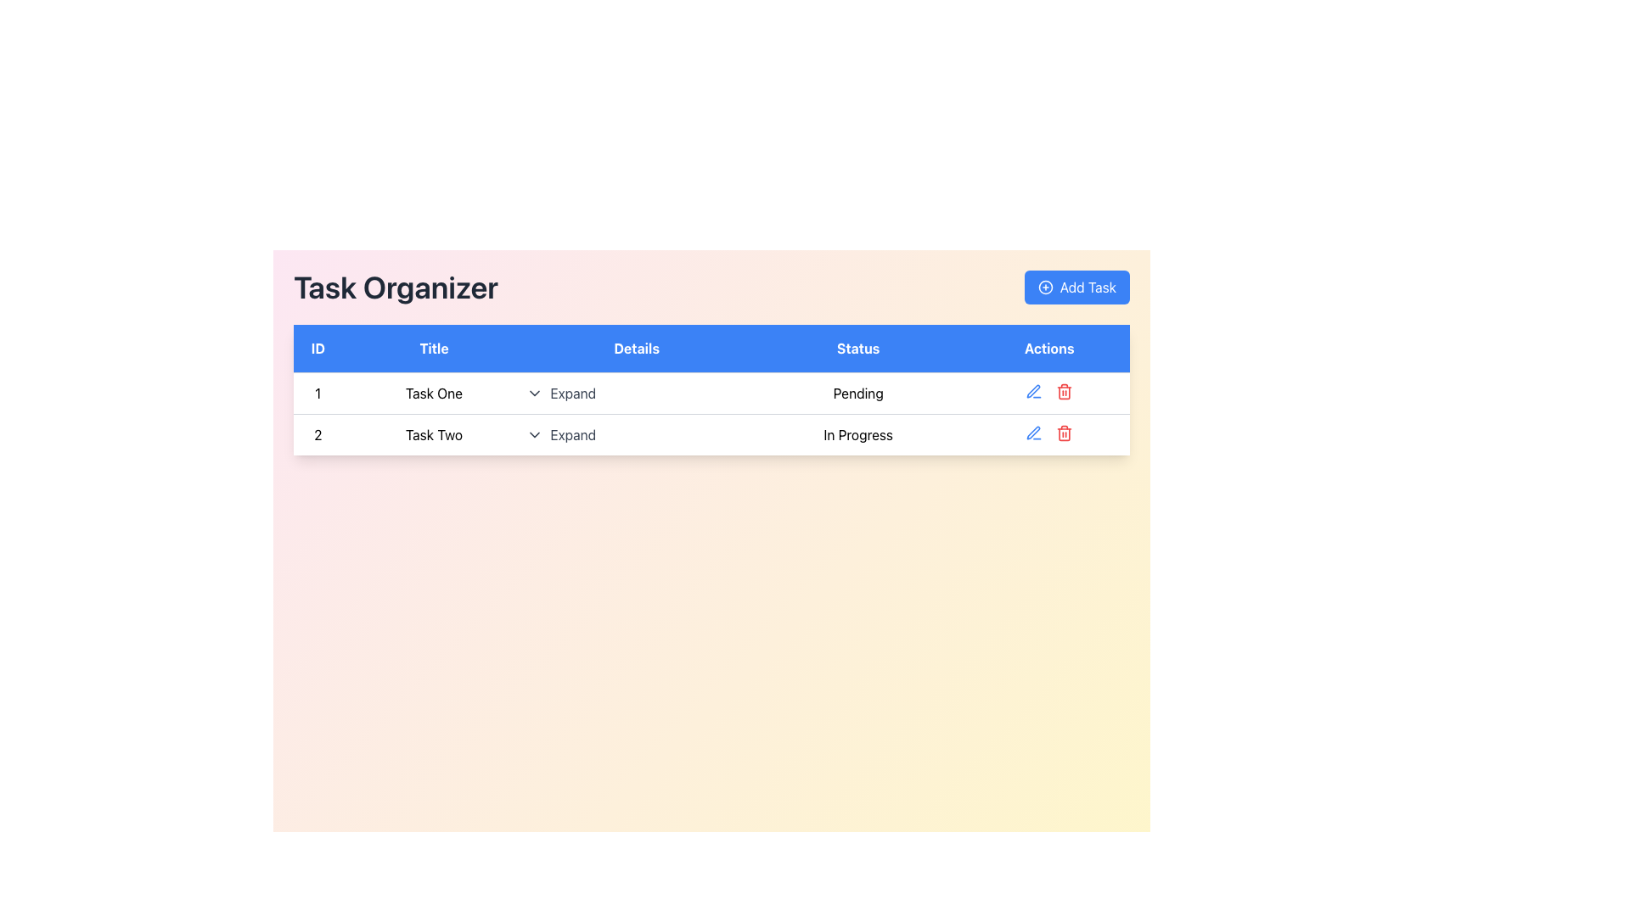  I want to click on the textual title for the first task entry in the table, labeled 'Task One', which is located in the 'Title' column of the first row, so click(434, 393).